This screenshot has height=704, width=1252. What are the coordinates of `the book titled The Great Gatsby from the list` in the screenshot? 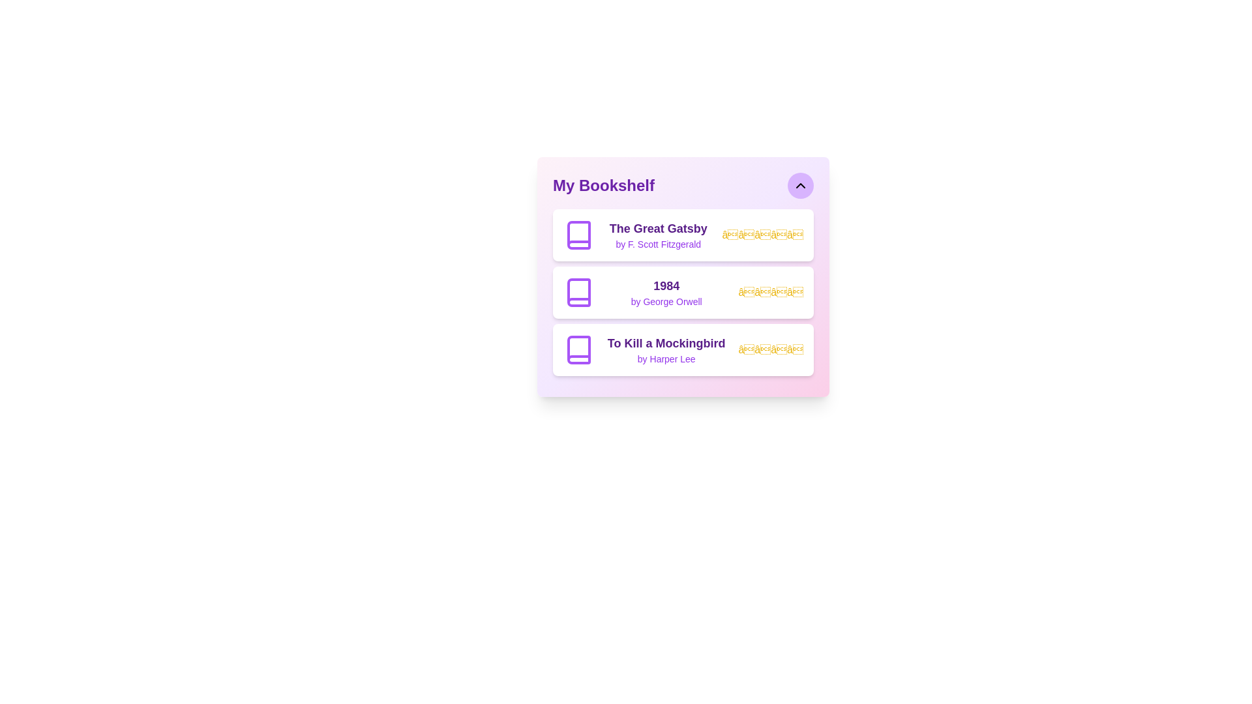 It's located at (682, 235).